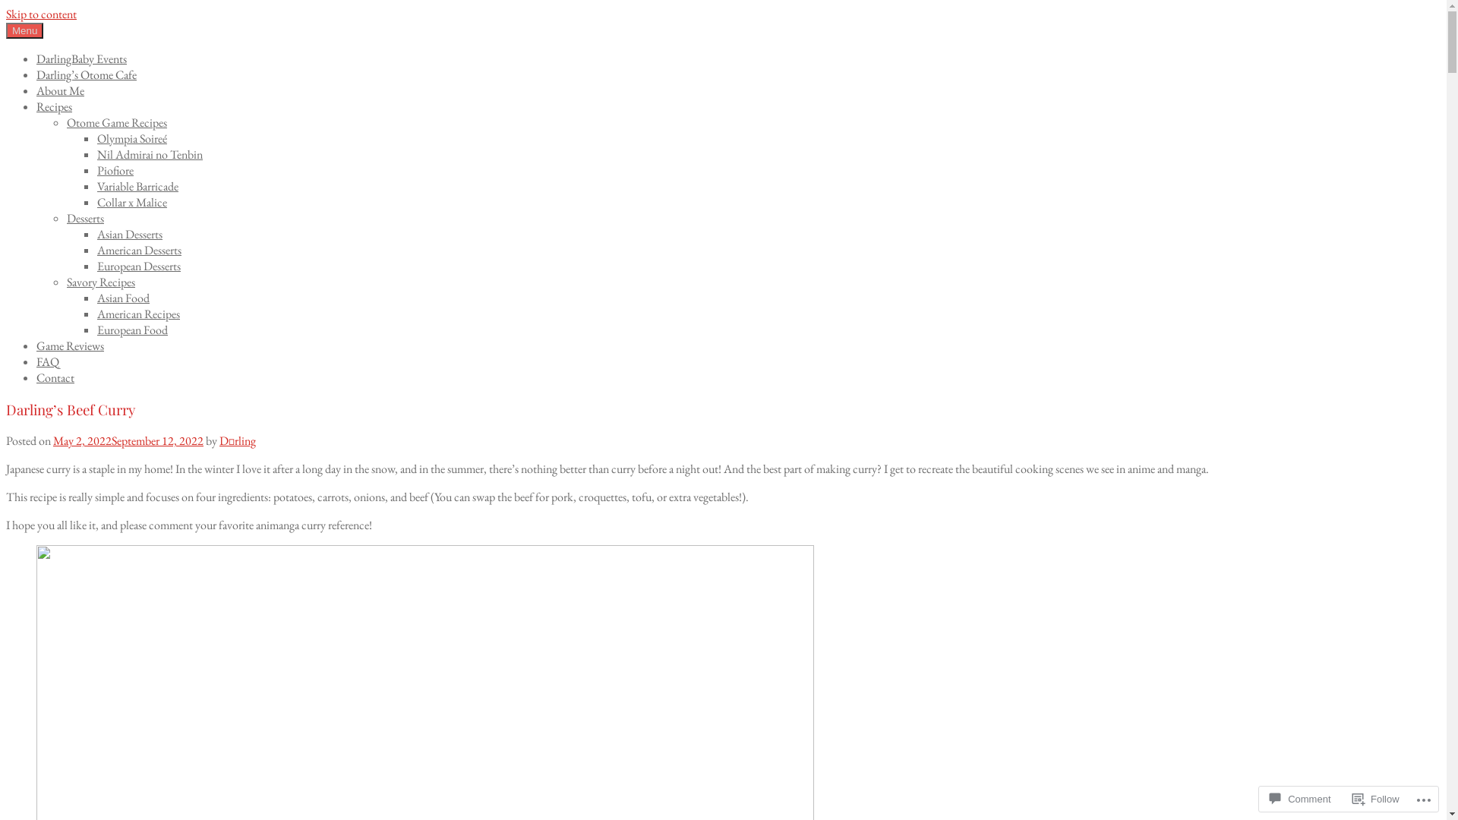 The image size is (1458, 820). Describe the element at coordinates (115, 121) in the screenshot. I see `'Otome Game Recipes'` at that location.